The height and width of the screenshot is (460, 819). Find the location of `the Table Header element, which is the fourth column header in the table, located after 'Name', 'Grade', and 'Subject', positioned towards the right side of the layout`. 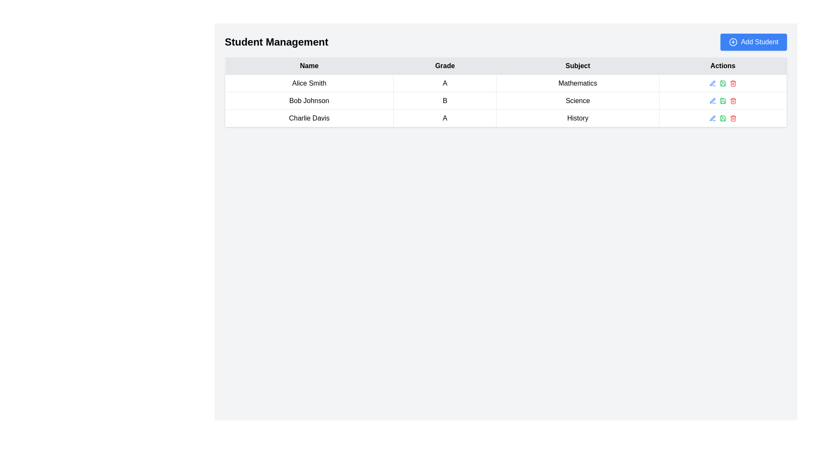

the Table Header element, which is the fourth column header in the table, located after 'Name', 'Grade', and 'Subject', positioned towards the right side of the layout is located at coordinates (722, 66).